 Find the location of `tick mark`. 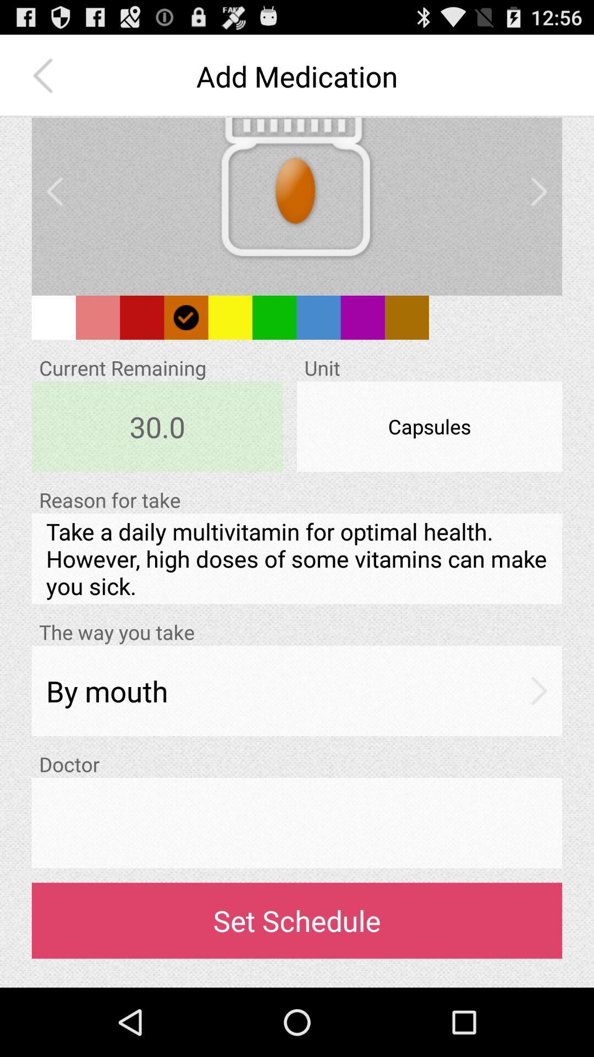

tick mark is located at coordinates (186, 317).